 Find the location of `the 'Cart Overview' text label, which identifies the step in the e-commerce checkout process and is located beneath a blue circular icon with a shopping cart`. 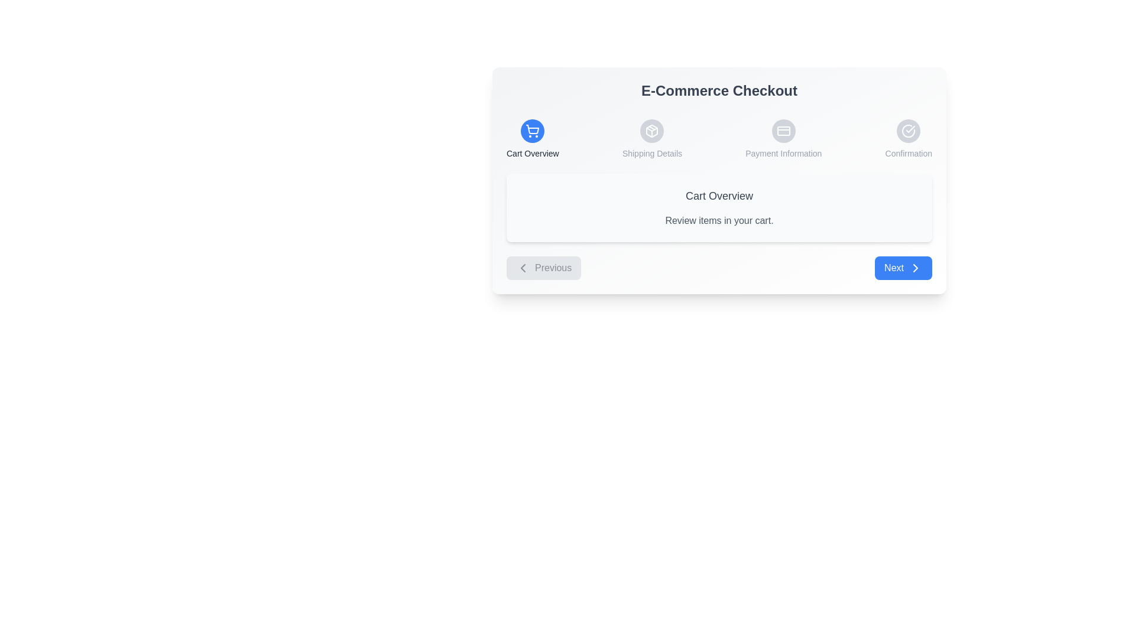

the 'Cart Overview' text label, which identifies the step in the e-commerce checkout process and is located beneath a blue circular icon with a shopping cart is located at coordinates (532, 152).